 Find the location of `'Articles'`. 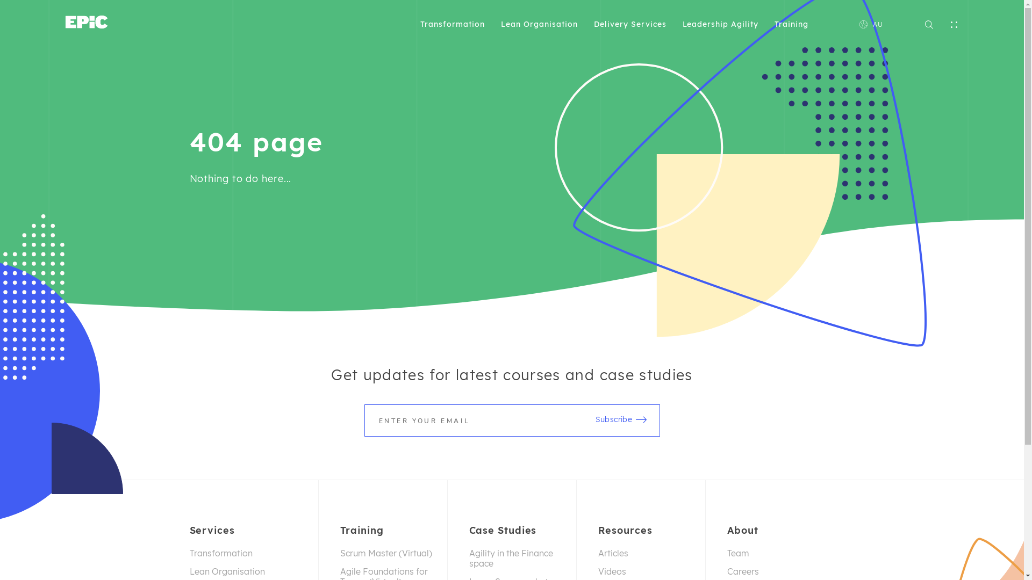

'Articles' is located at coordinates (649, 553).